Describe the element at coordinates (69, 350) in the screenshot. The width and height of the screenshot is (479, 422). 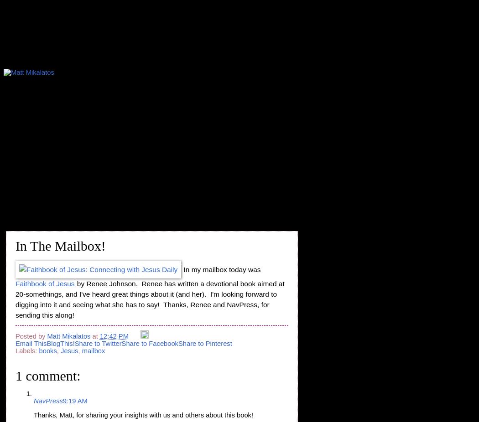
I see `'Jesus'` at that location.